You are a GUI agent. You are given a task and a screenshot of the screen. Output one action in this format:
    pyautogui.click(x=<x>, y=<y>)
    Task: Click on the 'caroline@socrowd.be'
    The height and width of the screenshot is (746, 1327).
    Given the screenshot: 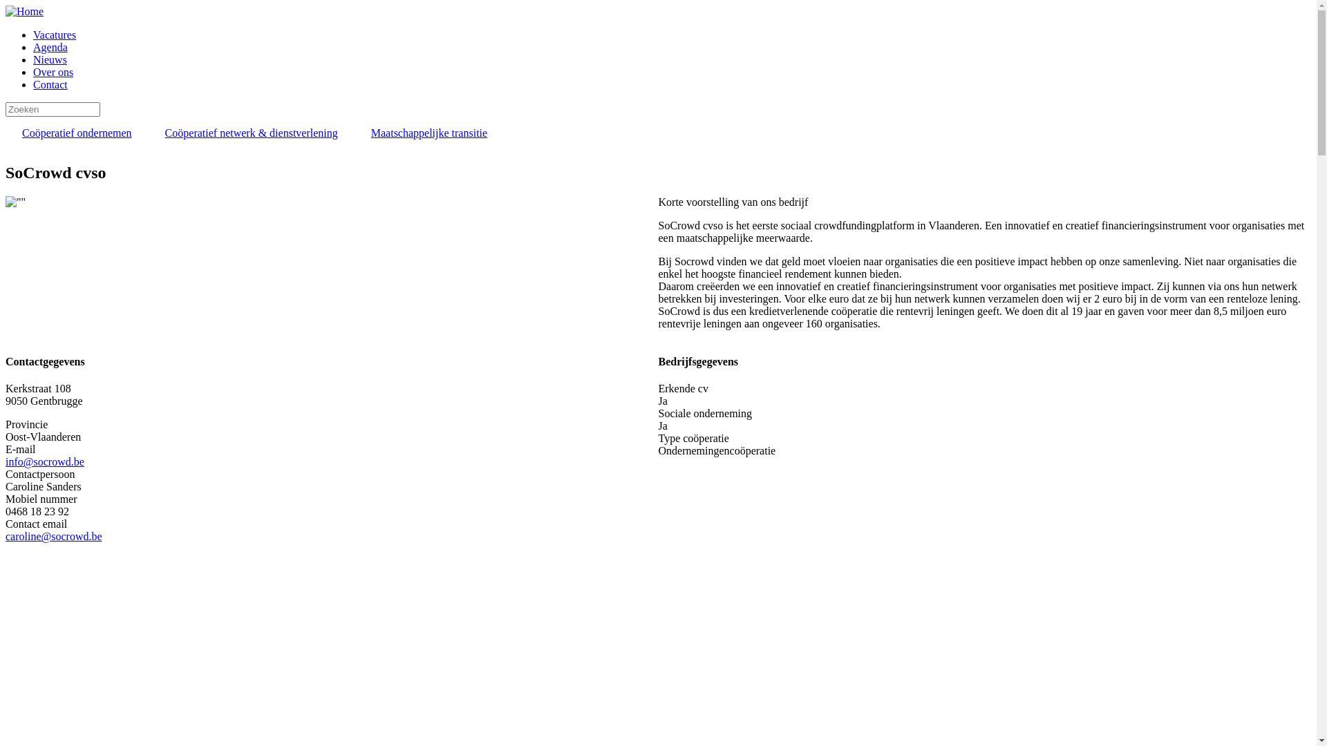 What is the action you would take?
    pyautogui.click(x=53, y=535)
    